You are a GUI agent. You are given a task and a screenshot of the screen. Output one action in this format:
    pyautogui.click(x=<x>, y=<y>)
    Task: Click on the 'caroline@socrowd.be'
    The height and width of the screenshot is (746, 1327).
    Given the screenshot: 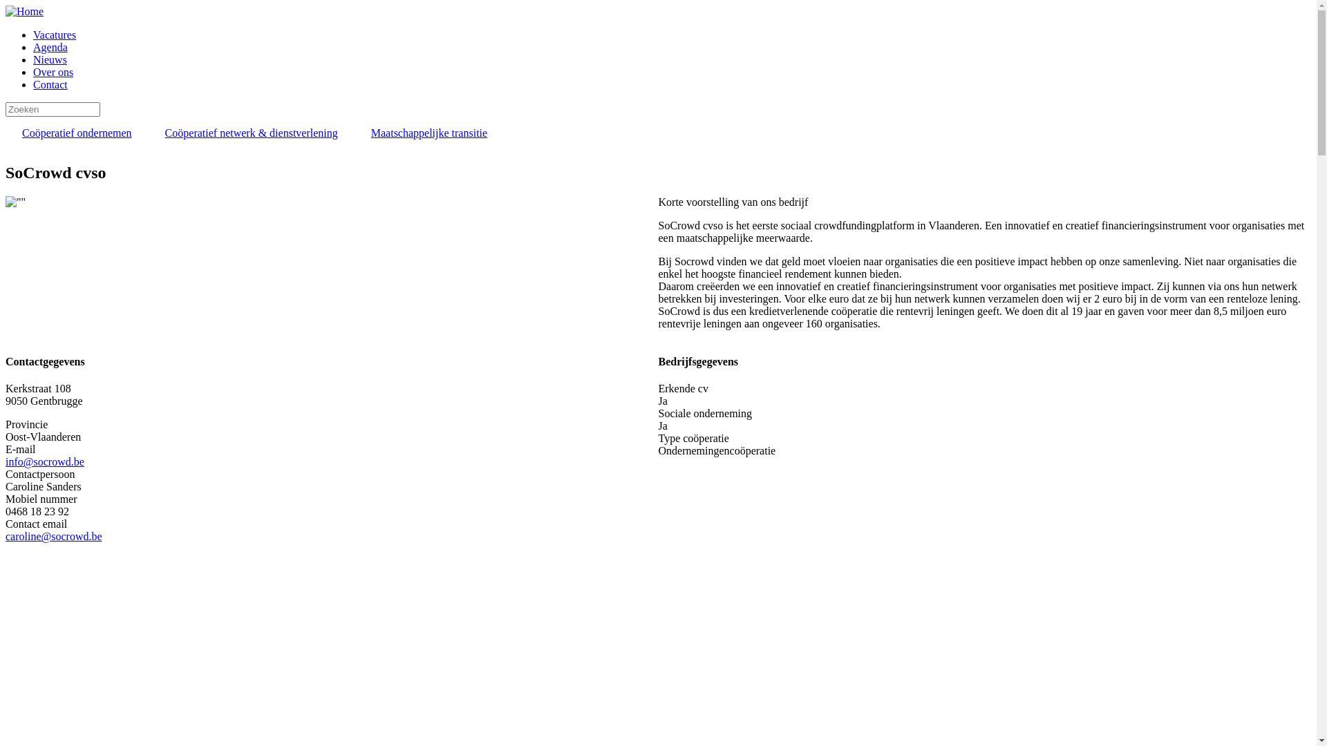 What is the action you would take?
    pyautogui.click(x=53, y=535)
    